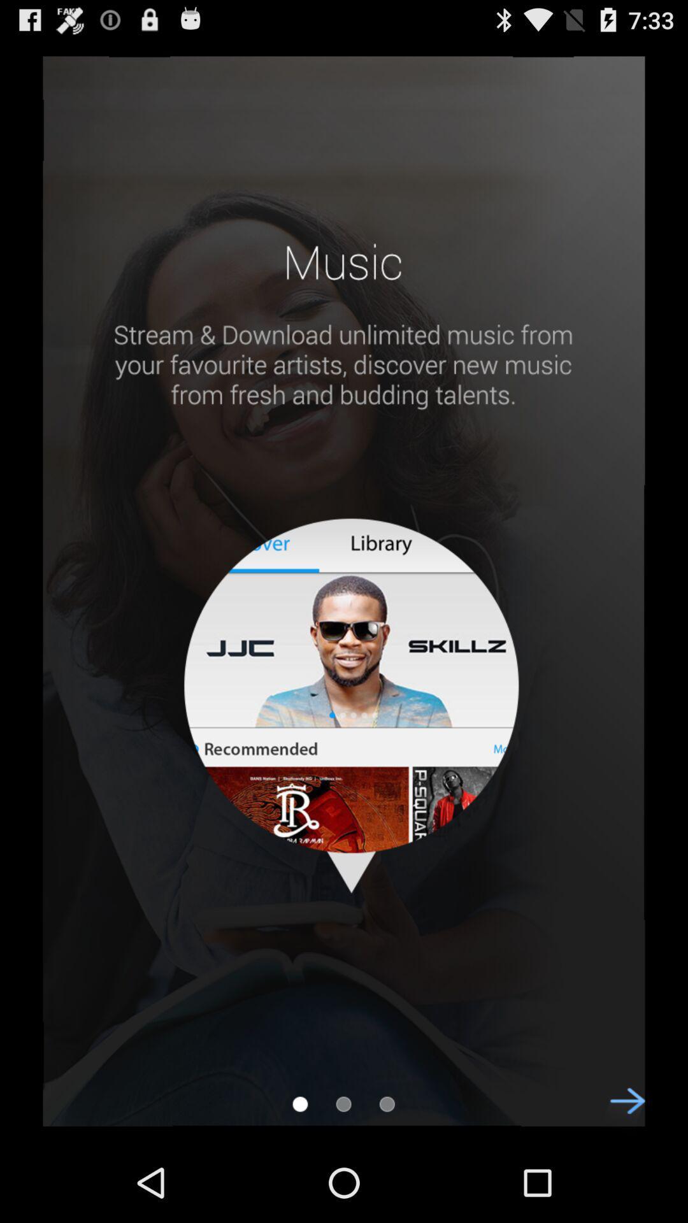 The image size is (688, 1223). Describe the element at coordinates (620, 1112) in the screenshot. I see `move to next` at that location.